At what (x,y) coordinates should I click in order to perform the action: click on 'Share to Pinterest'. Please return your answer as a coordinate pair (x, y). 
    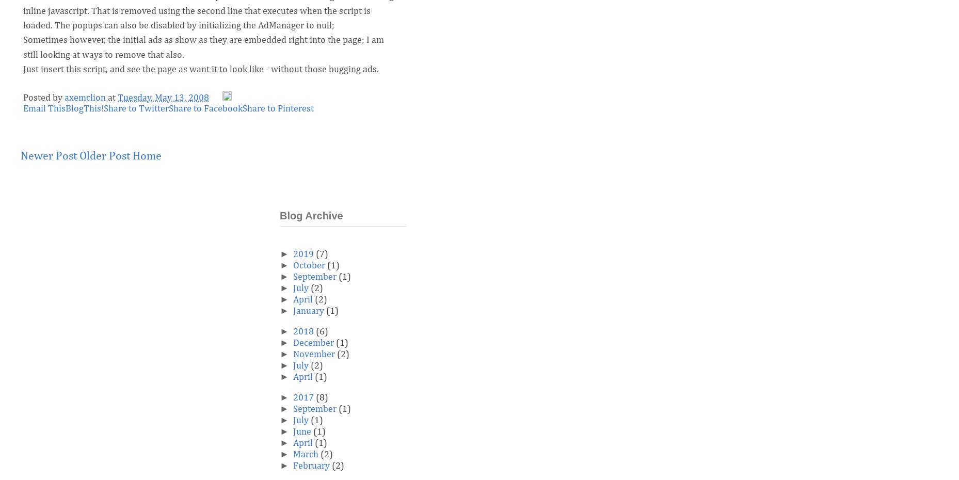
    Looking at the image, I should click on (243, 107).